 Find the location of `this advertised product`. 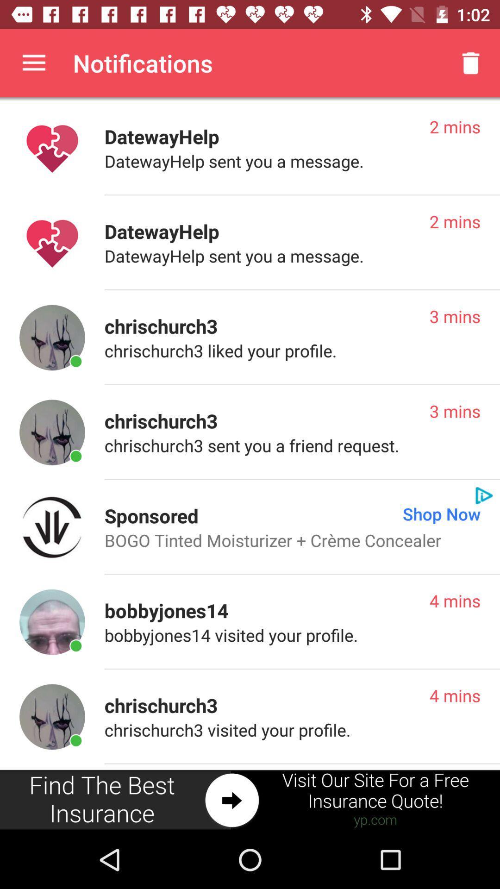

this advertised product is located at coordinates (52, 527).